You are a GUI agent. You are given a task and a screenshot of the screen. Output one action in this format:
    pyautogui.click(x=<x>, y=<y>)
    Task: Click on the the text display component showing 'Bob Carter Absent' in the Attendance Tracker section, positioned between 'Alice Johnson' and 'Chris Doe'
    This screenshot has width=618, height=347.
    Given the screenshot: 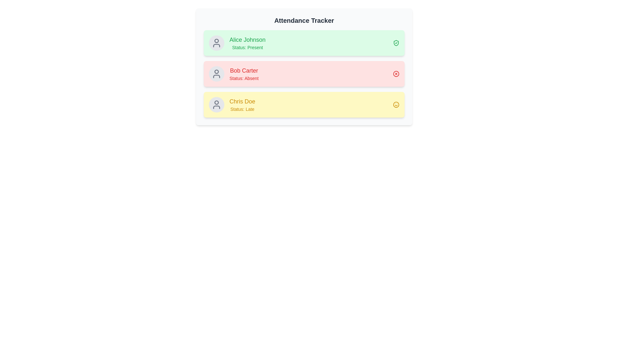 What is the action you would take?
    pyautogui.click(x=244, y=74)
    